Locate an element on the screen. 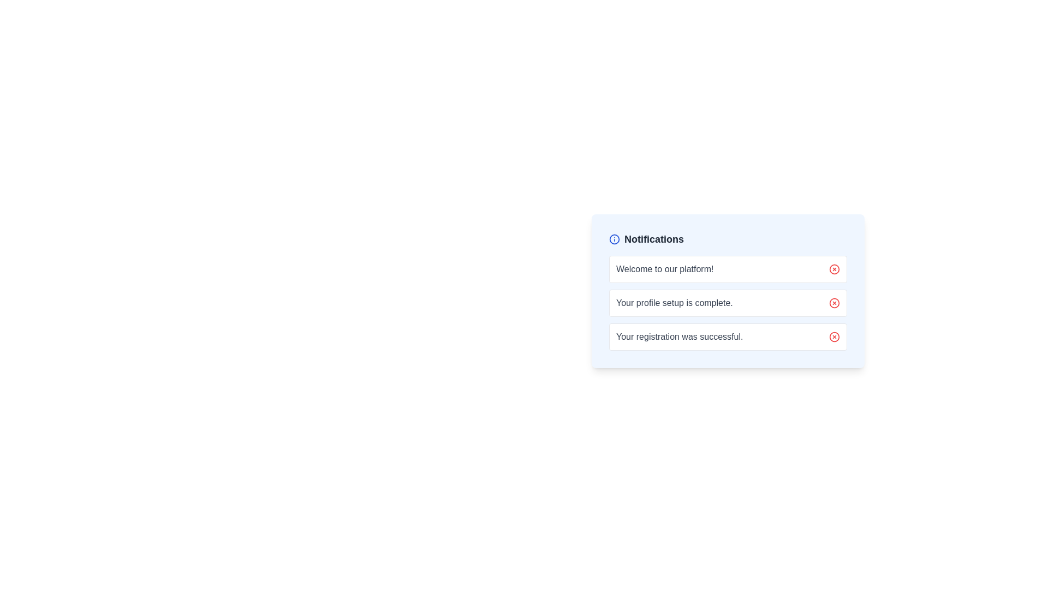 The width and height of the screenshot is (1048, 589). the informational icon located to the left of the 'Notifications' heading is located at coordinates (615, 239).